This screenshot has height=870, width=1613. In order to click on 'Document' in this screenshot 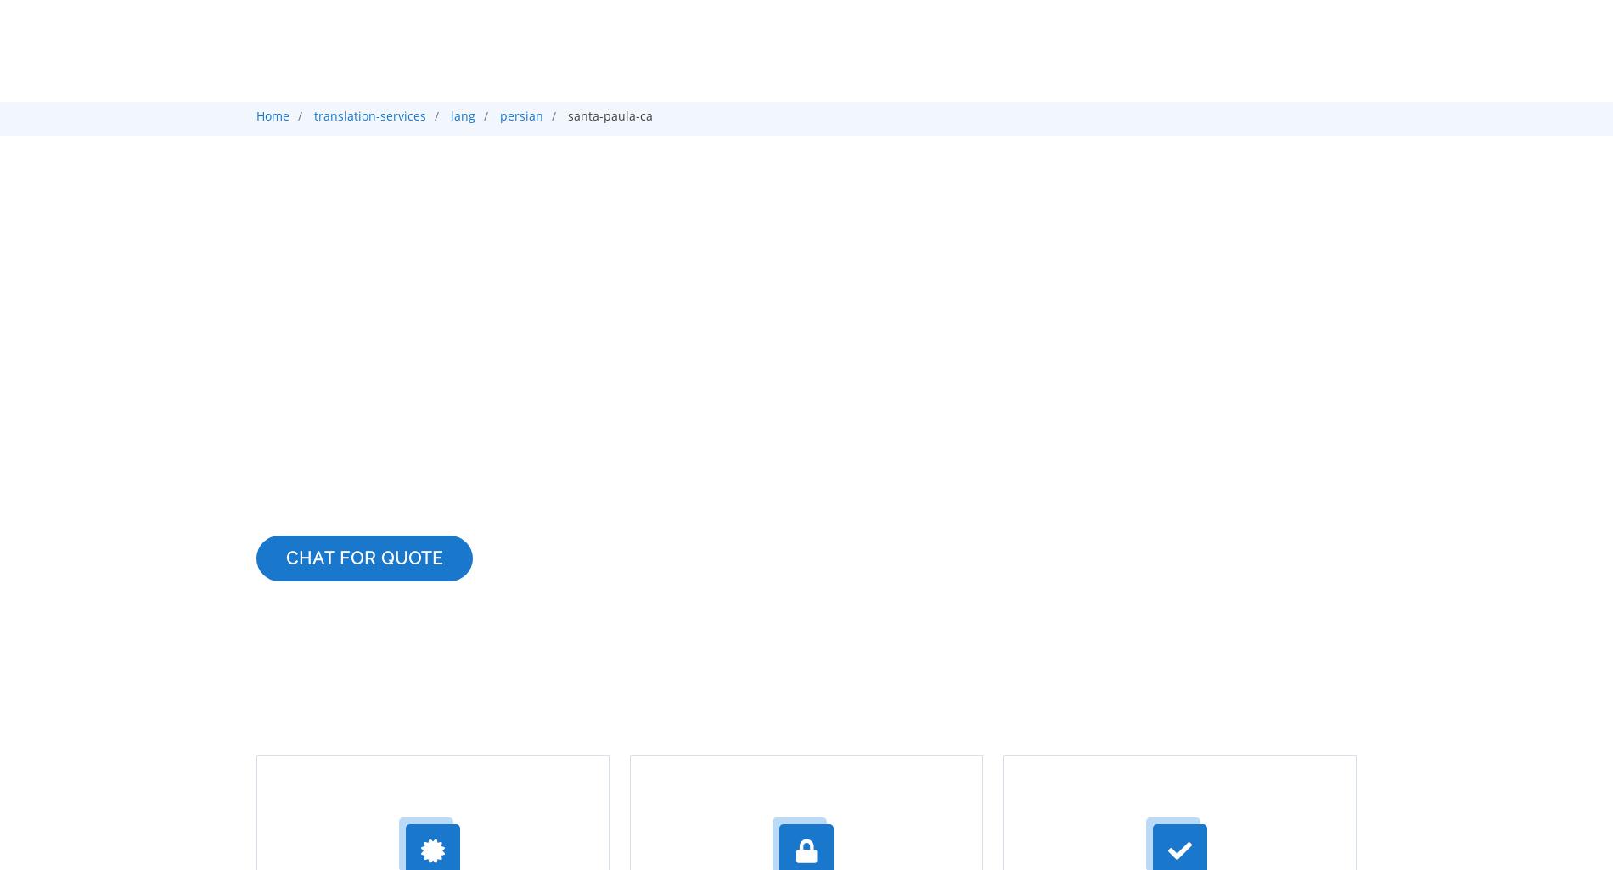, I will do `click(1133, 184)`.